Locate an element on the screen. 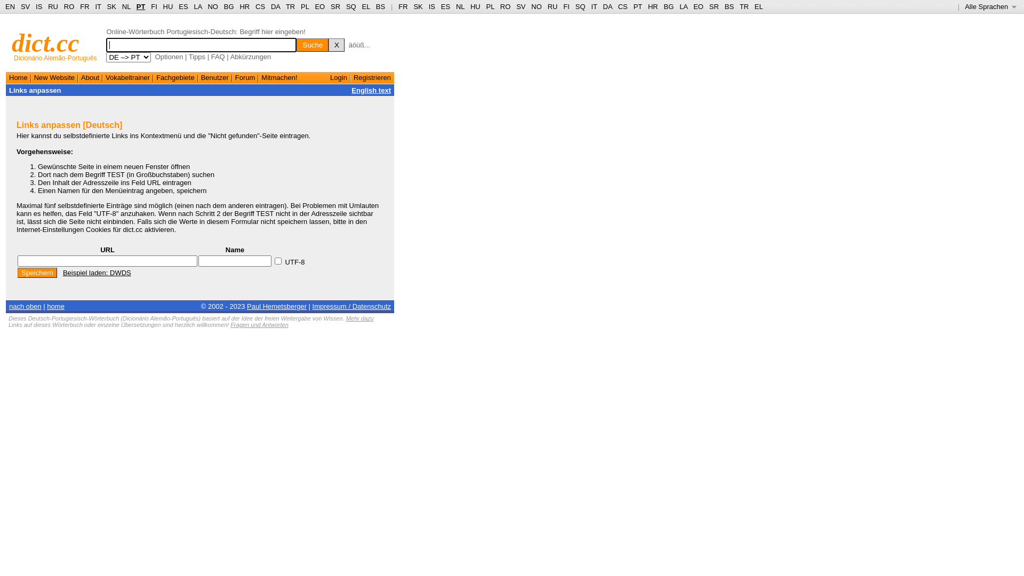 The image size is (1024, 576). 'dict.cc' is located at coordinates (12, 42).